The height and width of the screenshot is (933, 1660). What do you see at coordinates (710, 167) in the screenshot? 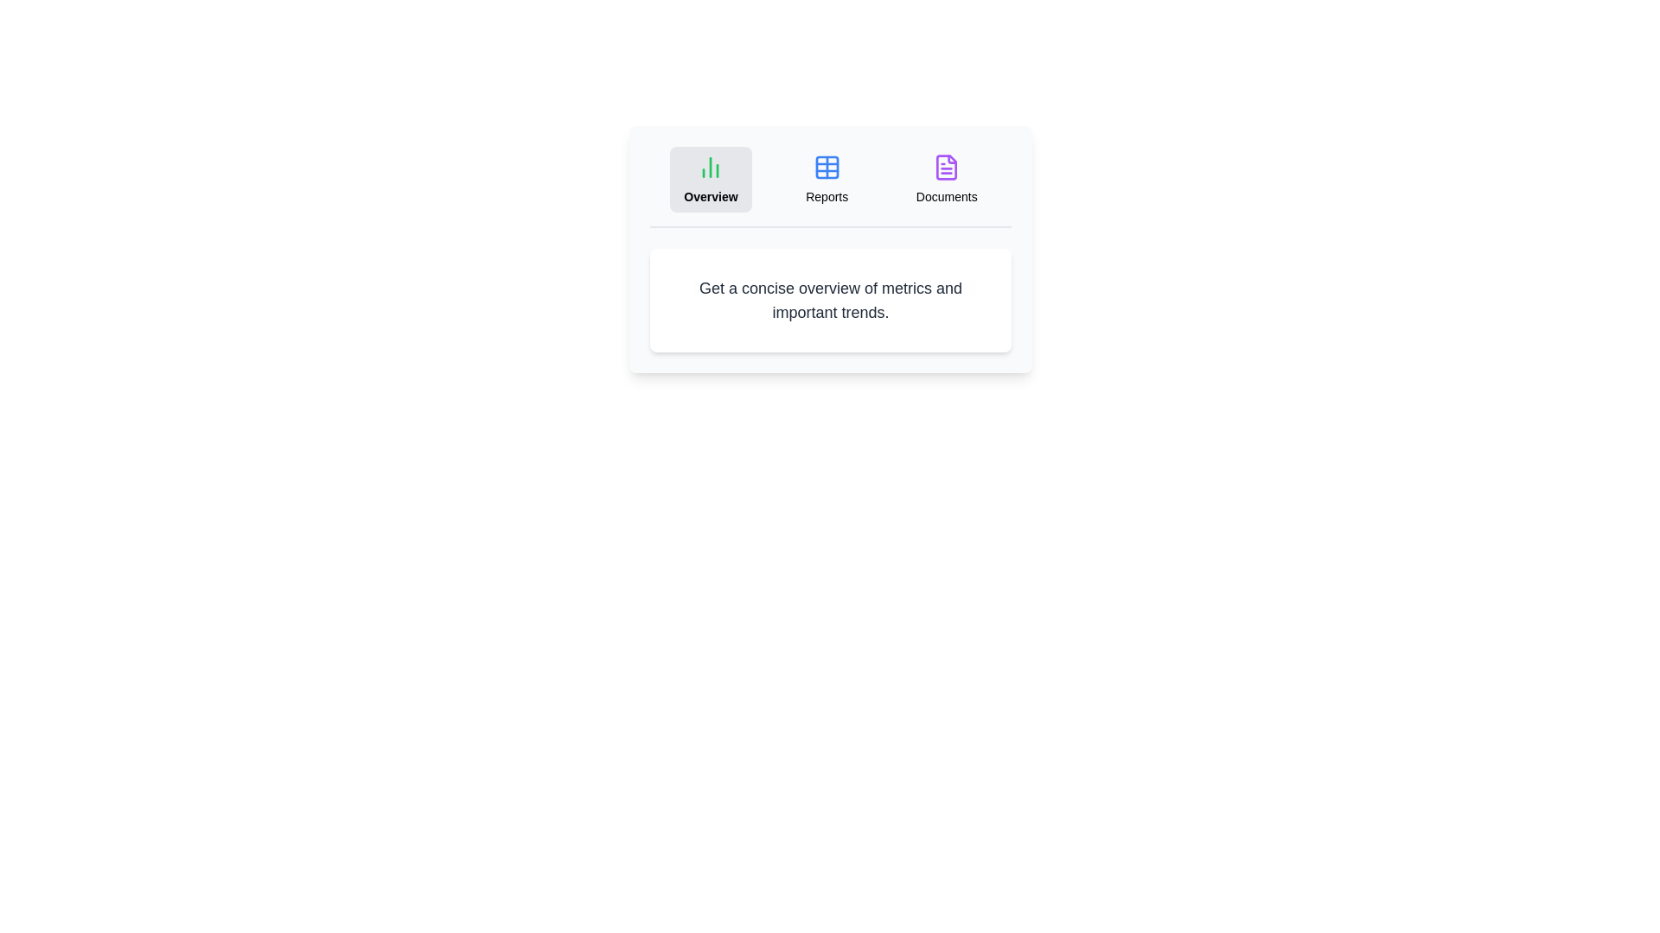
I see `the icon of the Overview tab` at bounding box center [710, 167].